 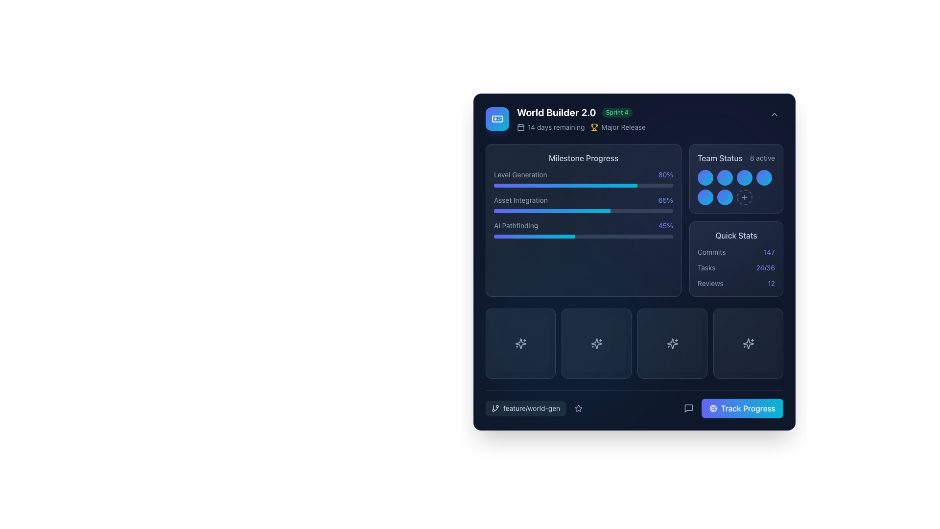 What do you see at coordinates (744, 177) in the screenshot?
I see `the third circular decorative element in the 'Team Status' section, which visually represents a status indicator for team members` at bounding box center [744, 177].